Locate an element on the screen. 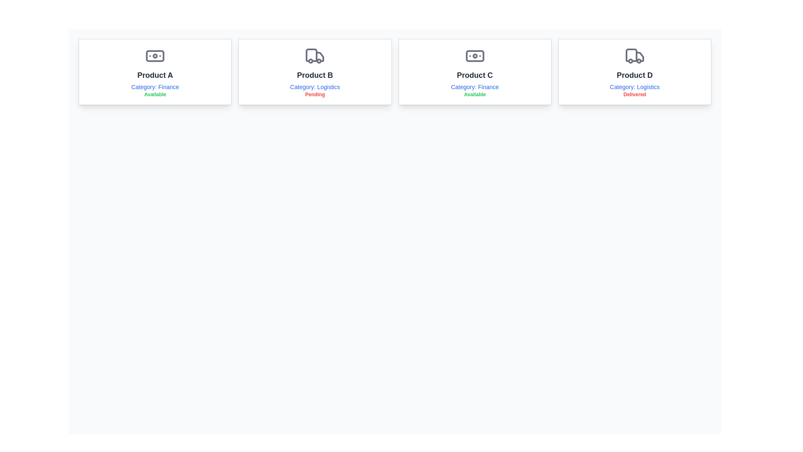 This screenshot has height=452, width=803. the 'Available' text label in green font, located at the bottom section of the card for 'Product A', below the 'Category: Finance' label is located at coordinates (155, 94).